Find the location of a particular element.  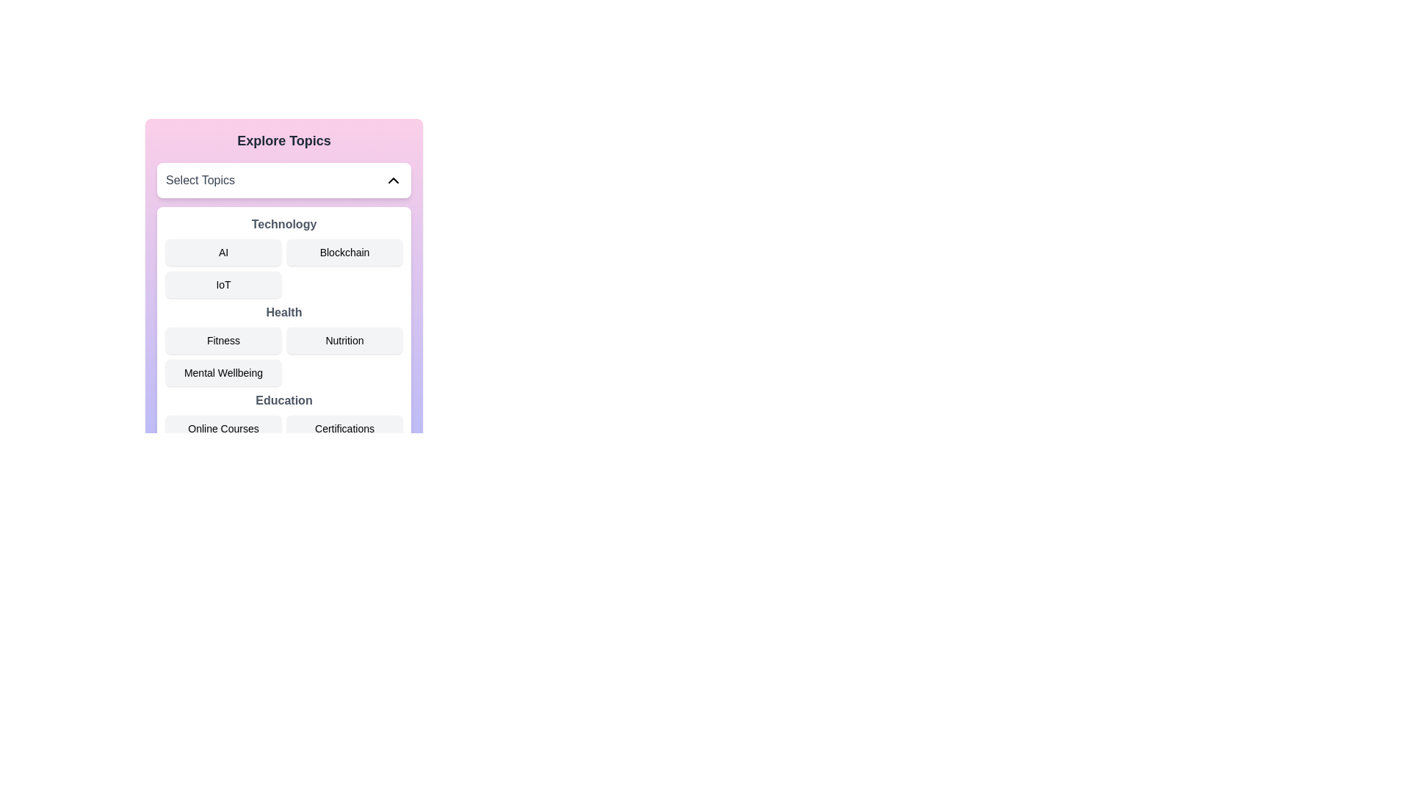

the Dropdown menu trigger button labeled 'Select Topics' is located at coordinates (284, 180).